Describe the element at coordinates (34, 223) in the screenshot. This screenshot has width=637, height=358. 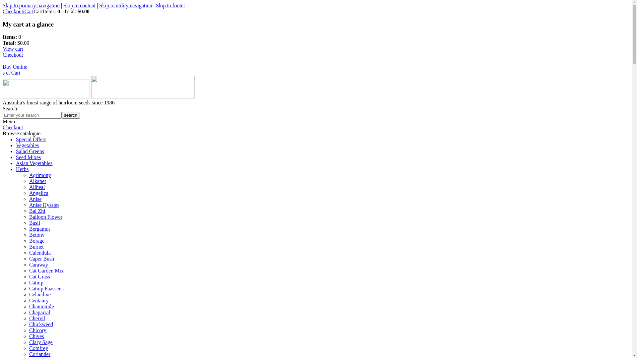
I see `'Basil'` at that location.